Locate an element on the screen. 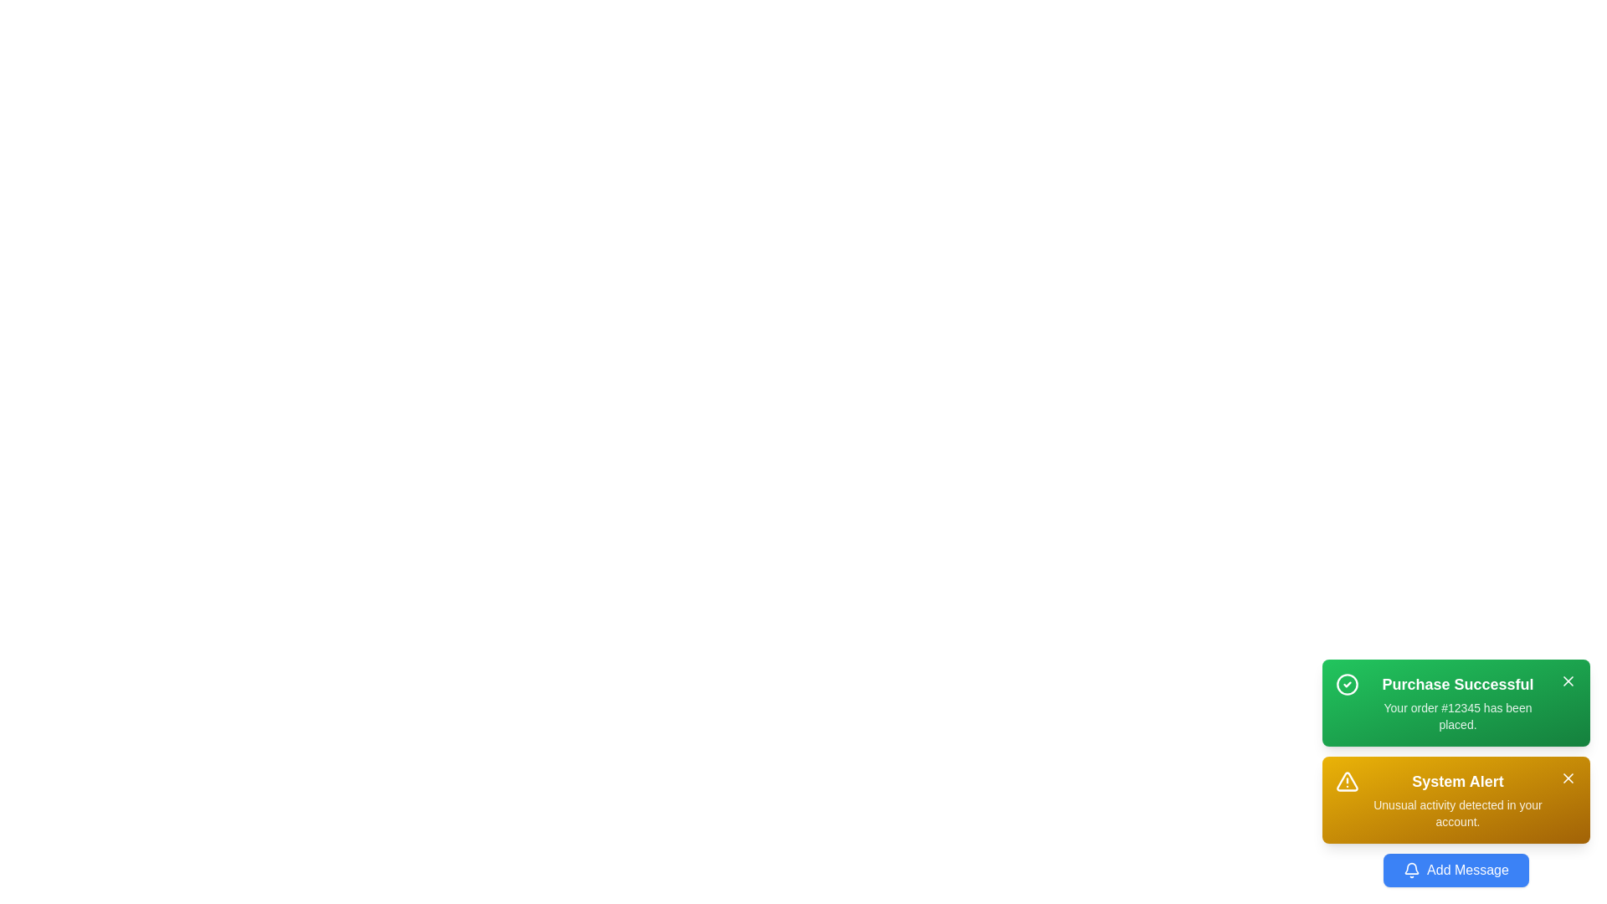 Image resolution: width=1607 pixels, height=904 pixels. the 'Add Message' button to add a new message is located at coordinates (1455, 870).